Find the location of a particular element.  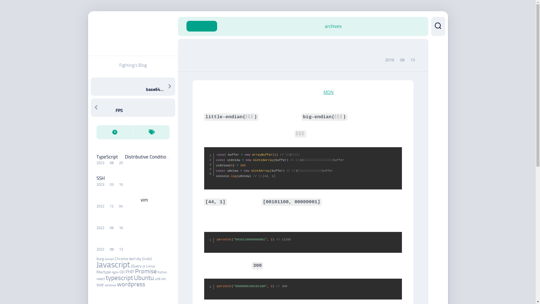

'OD' is located at coordinates (121, 272).